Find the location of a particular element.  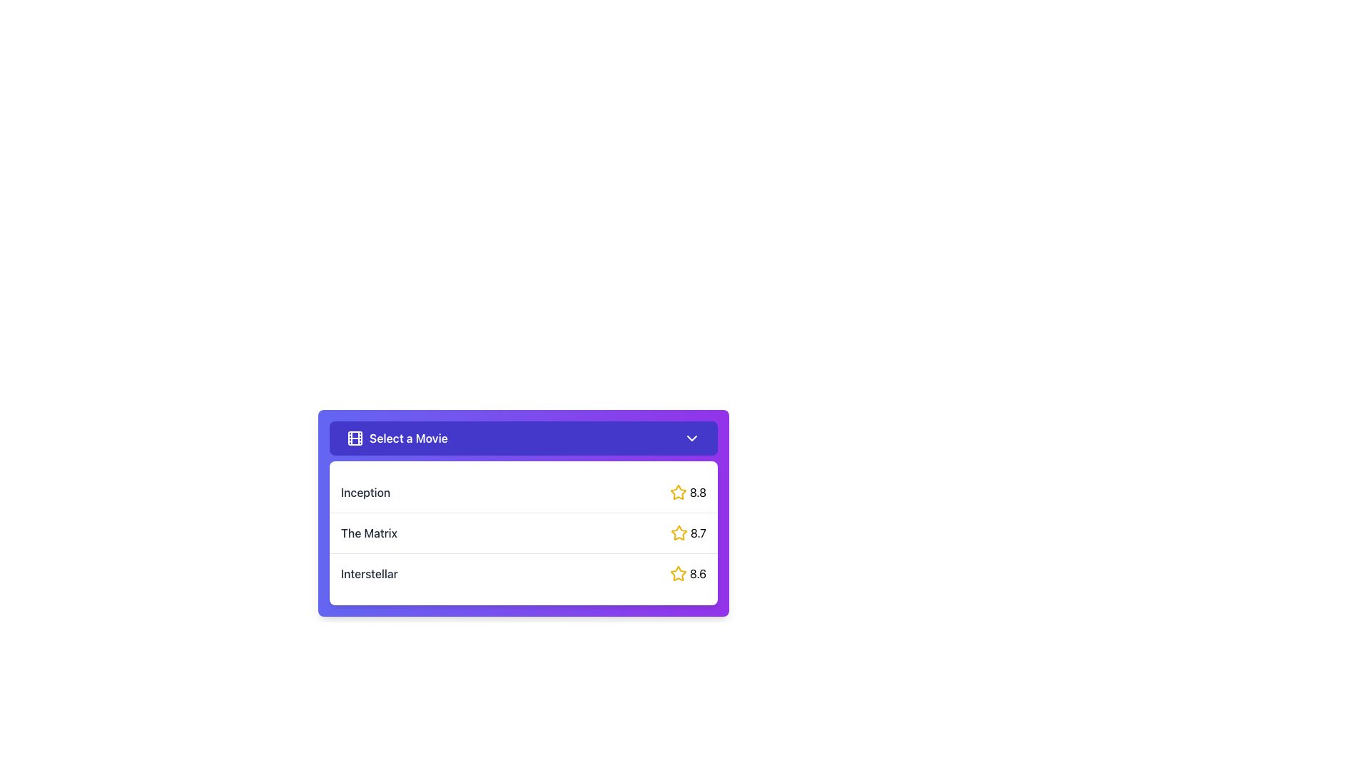

the star icon representing the rating '8.7', which is positioned in the middle row of the list items near the right-hand side, adjacent to the numerical value is located at coordinates (678, 533).